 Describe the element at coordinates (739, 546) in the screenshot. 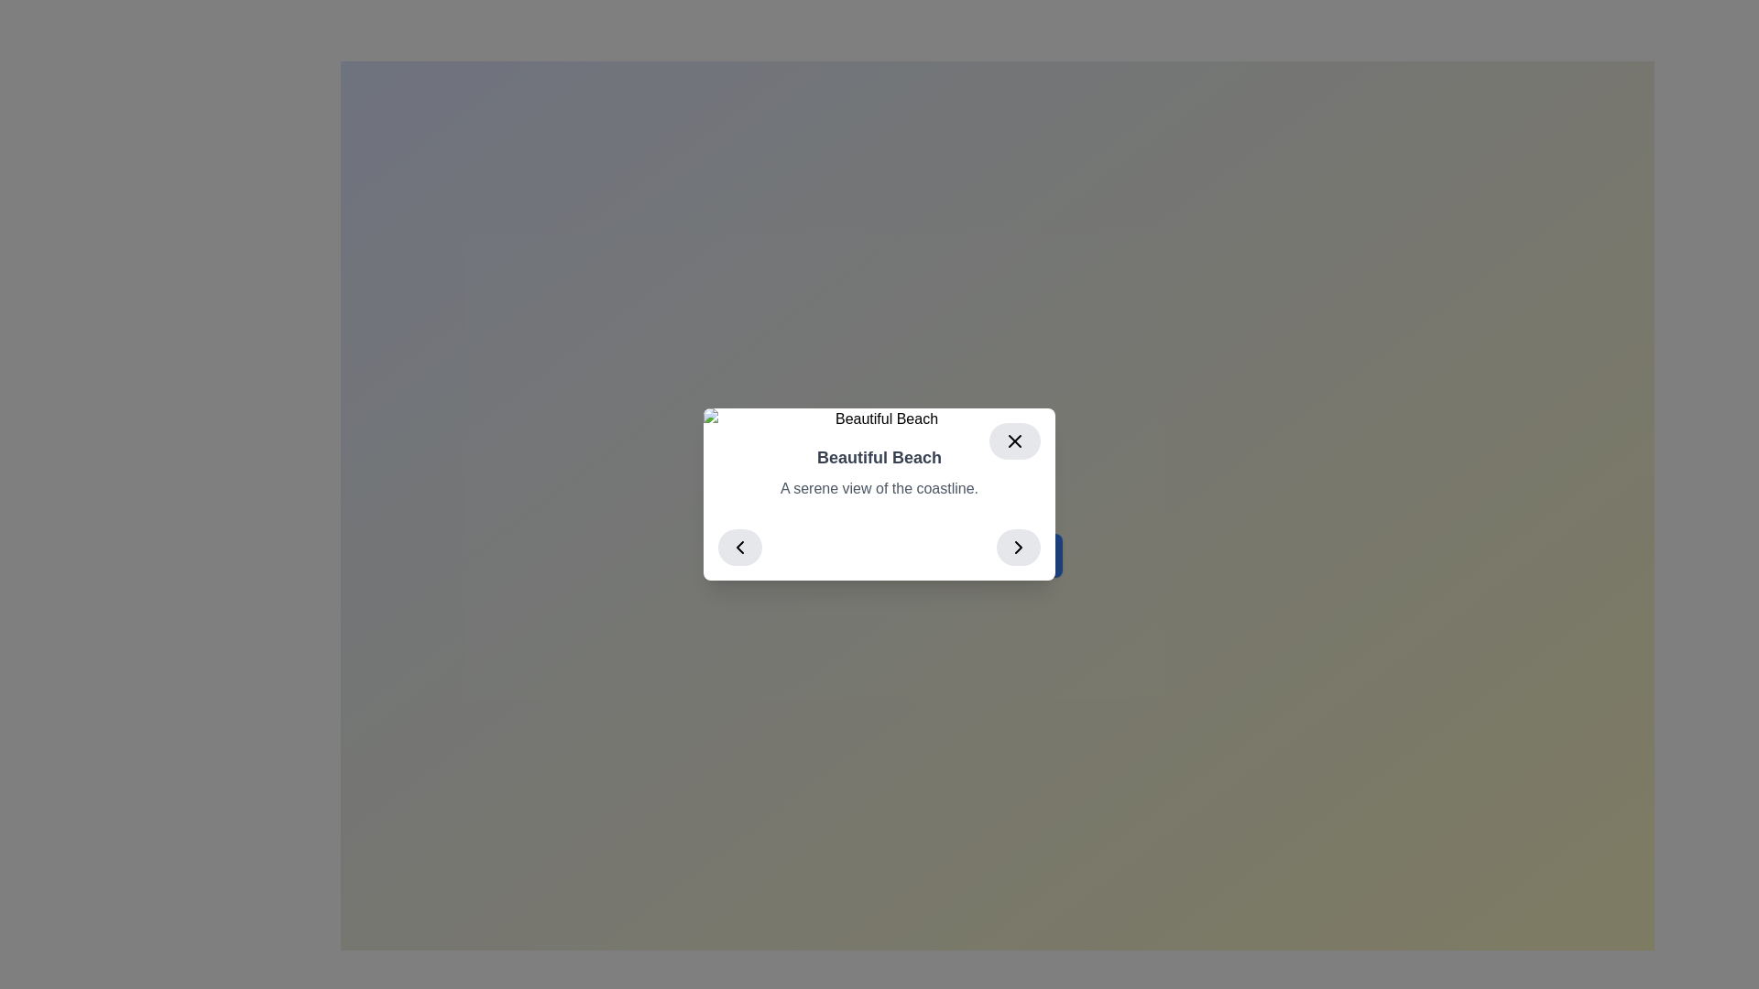

I see `the left navigation icon located at the bottom-left of the card interface` at that location.